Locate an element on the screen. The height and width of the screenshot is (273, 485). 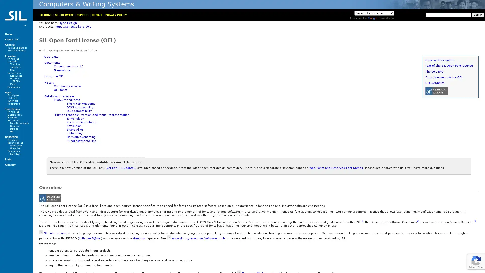
Search is located at coordinates (478, 14).